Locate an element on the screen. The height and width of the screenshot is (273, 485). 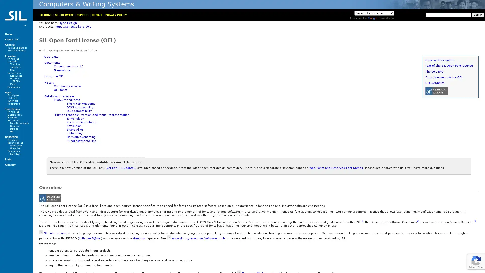
Search is located at coordinates (478, 14).